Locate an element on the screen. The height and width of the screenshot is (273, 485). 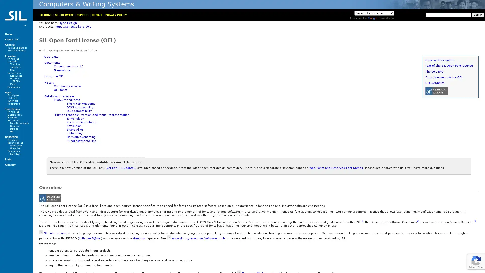
Search is located at coordinates (478, 14).